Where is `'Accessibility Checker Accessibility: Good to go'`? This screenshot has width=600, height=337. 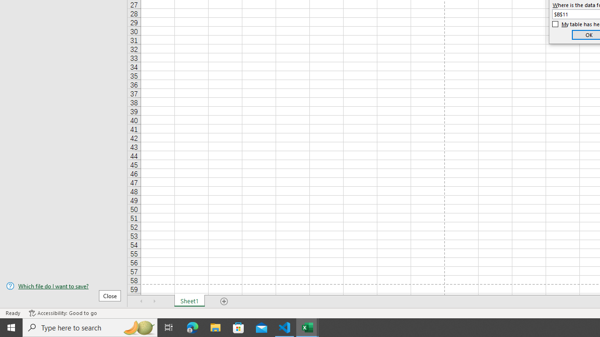 'Accessibility Checker Accessibility: Good to go' is located at coordinates (62, 313).